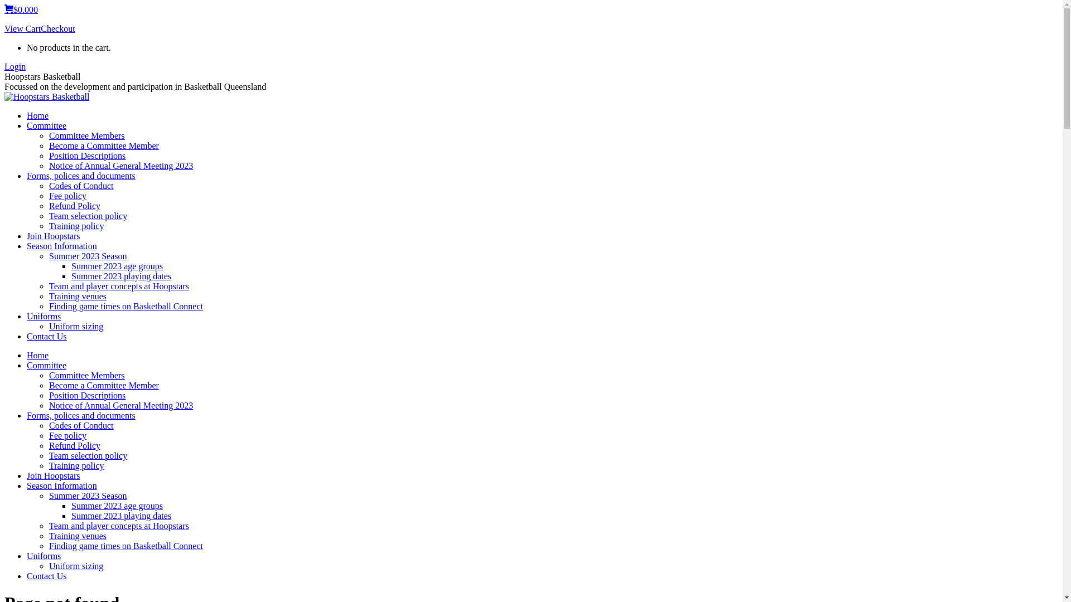 This screenshot has width=1071, height=602. I want to click on 'Team and player concepts at Hoopstars', so click(119, 285).